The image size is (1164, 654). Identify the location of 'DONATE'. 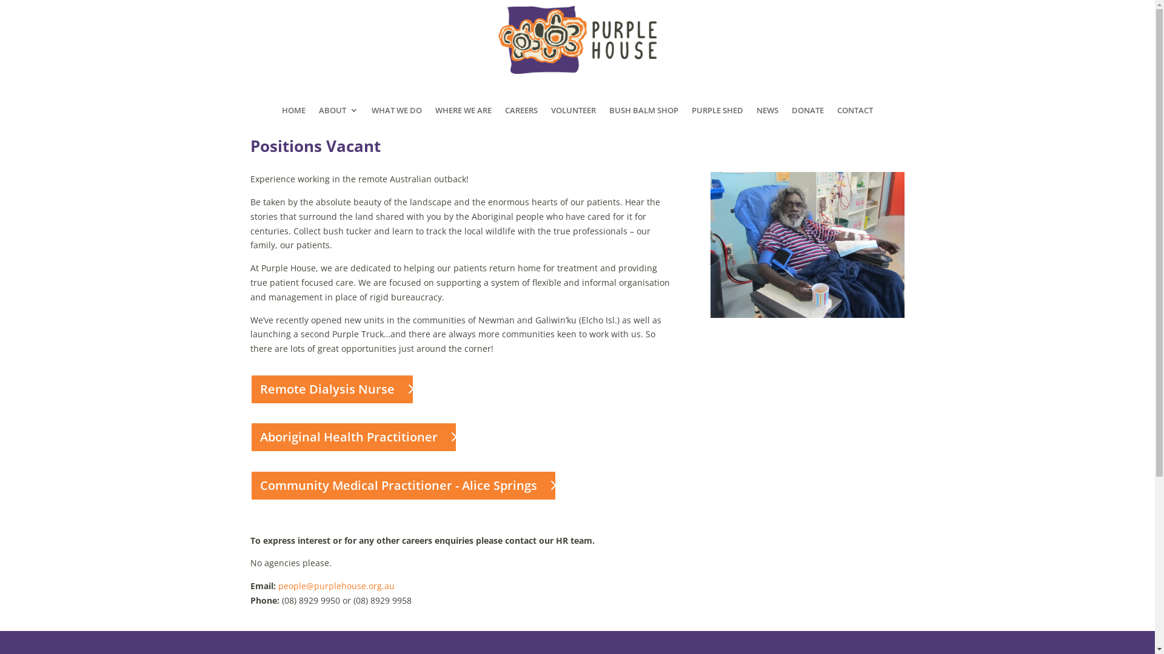
(808, 119).